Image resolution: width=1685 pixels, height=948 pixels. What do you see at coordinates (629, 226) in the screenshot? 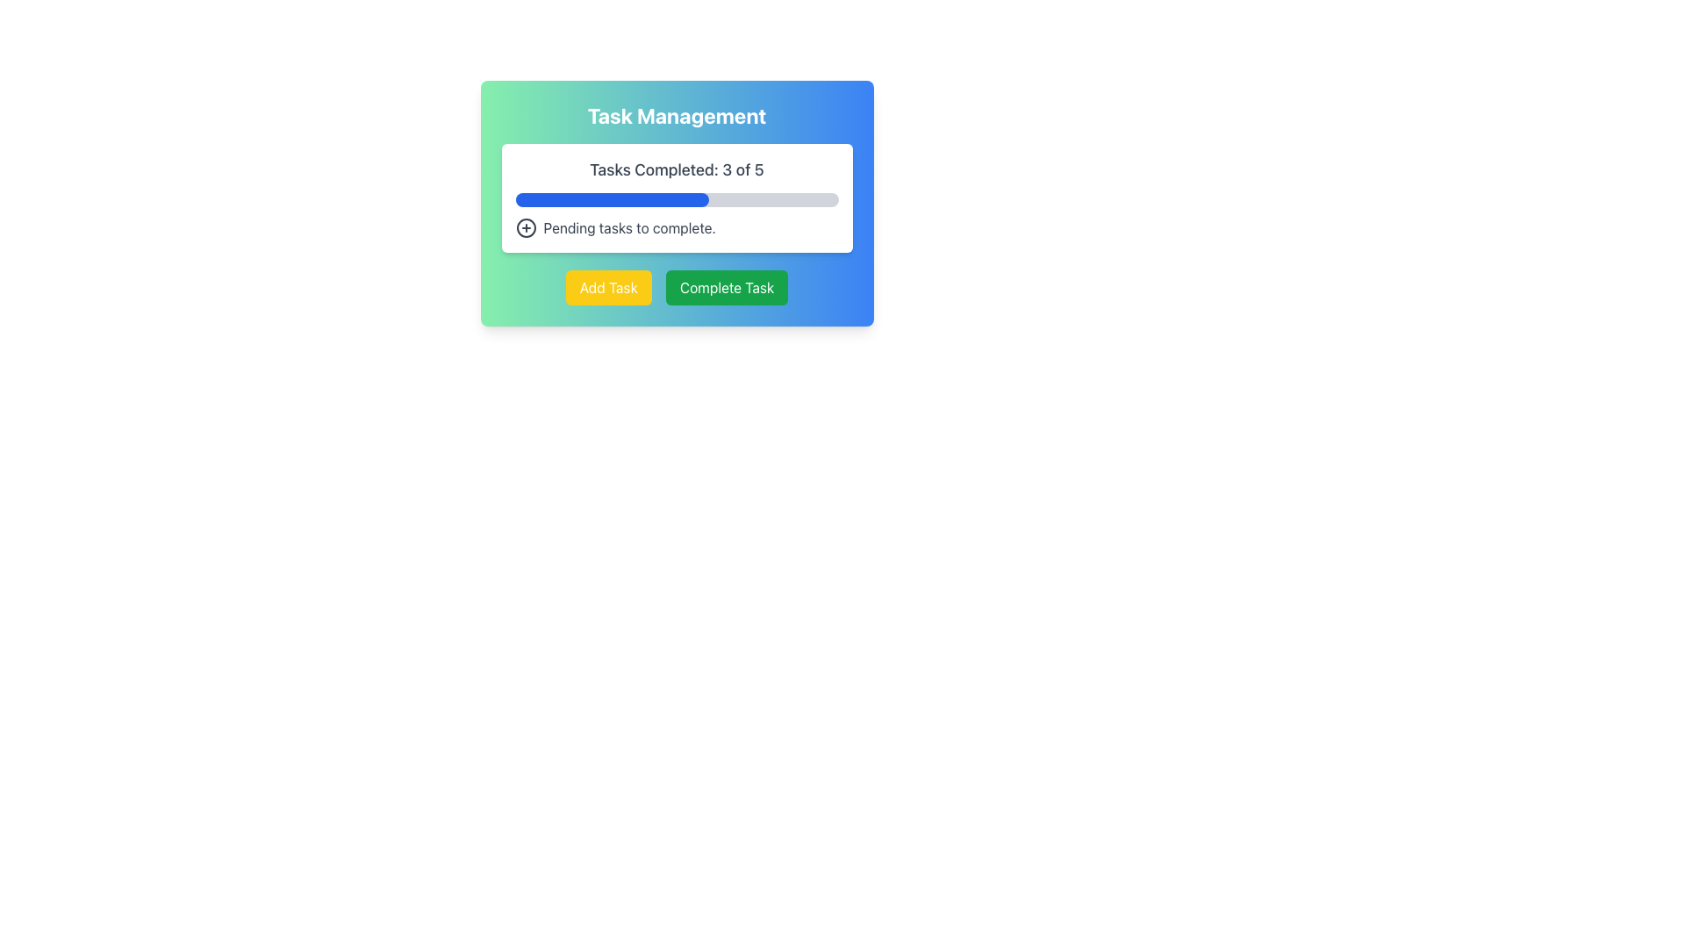
I see `the text label displaying 'Pending tasks to complete.' which is styled in medium gray font and located to the right of a circular plus icon within the 'Task Management' panel` at bounding box center [629, 226].